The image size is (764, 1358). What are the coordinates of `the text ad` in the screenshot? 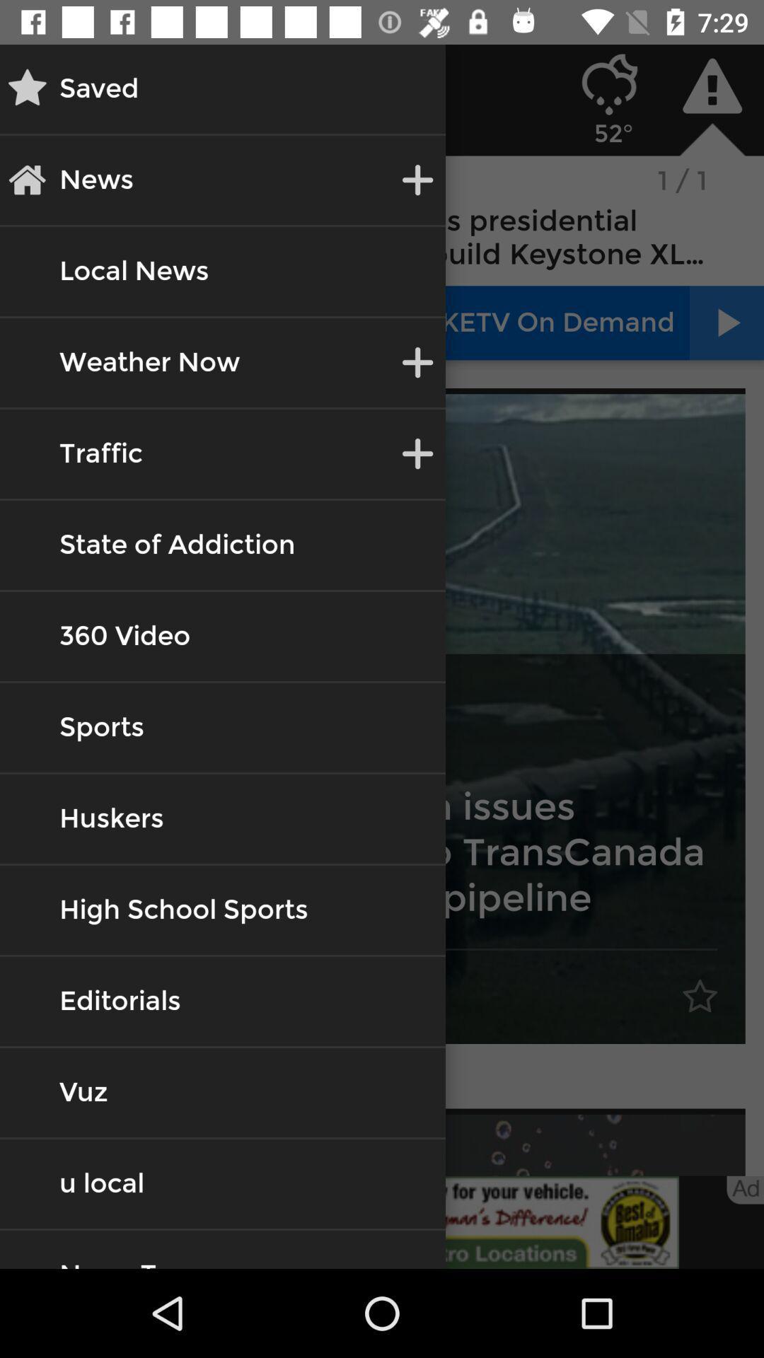 It's located at (744, 1190).